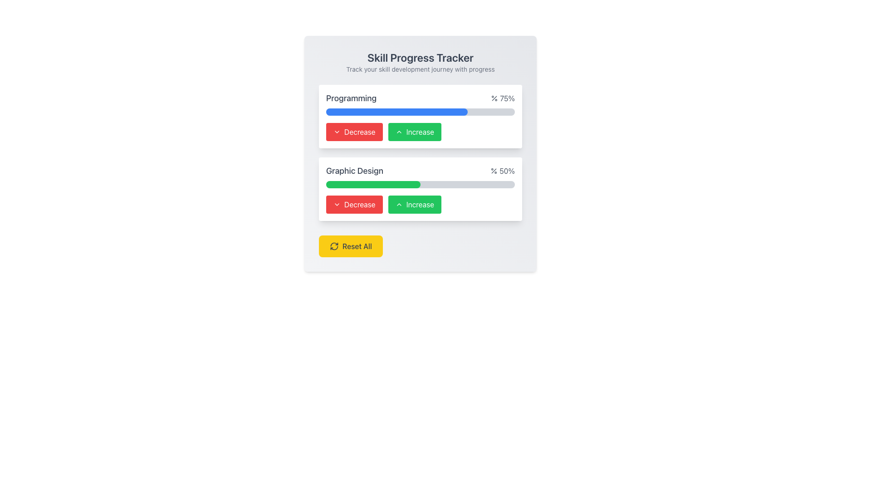 The image size is (871, 490). Describe the element at coordinates (399, 205) in the screenshot. I see `the 'Increase' icon located at the bottom-right of the 'Graphic Design' skill section, which visually indicates upward change or growth` at that location.